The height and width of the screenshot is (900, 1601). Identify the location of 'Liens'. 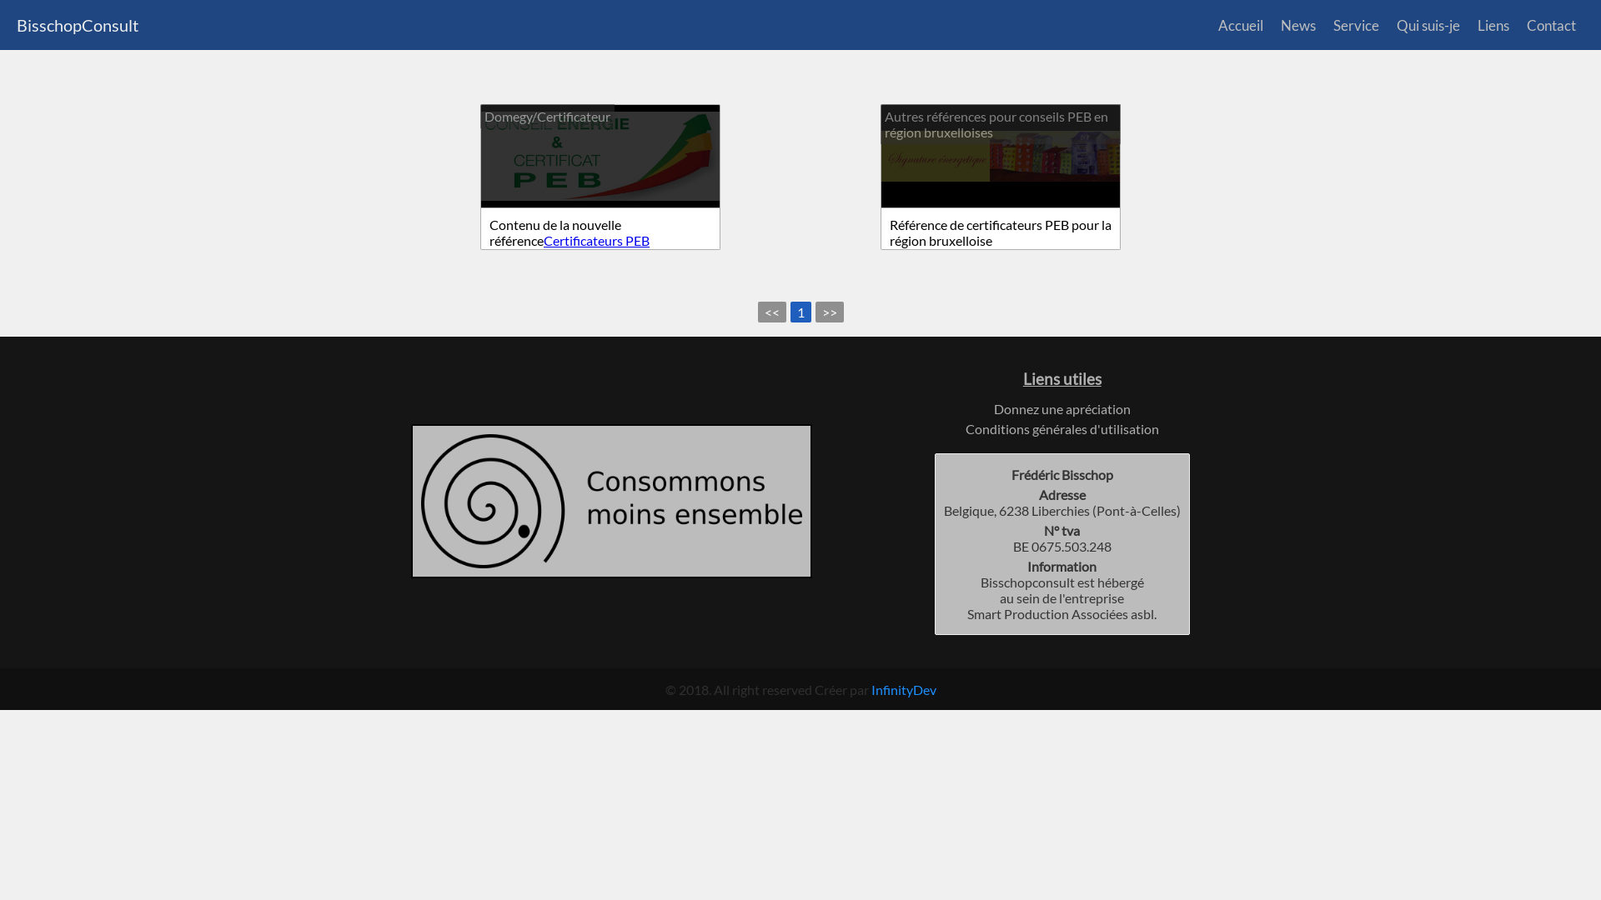
(1493, 25).